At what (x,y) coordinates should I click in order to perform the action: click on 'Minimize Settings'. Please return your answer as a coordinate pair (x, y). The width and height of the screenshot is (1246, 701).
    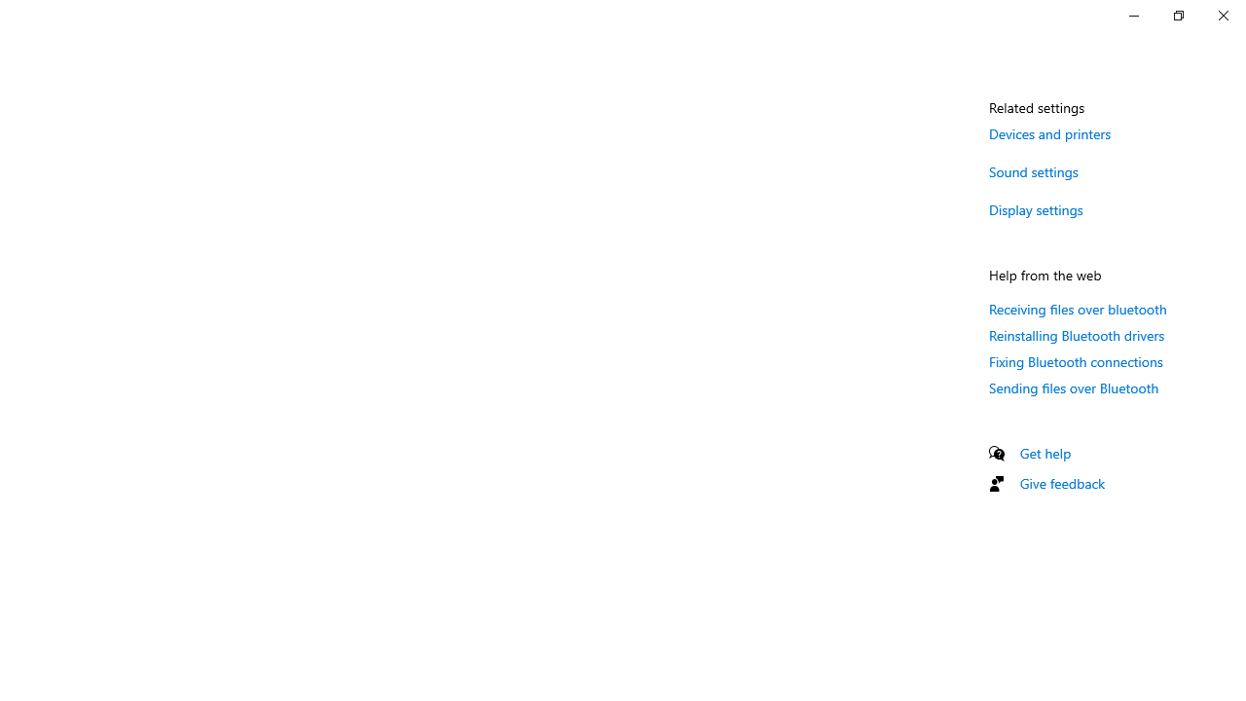
    Looking at the image, I should click on (1133, 15).